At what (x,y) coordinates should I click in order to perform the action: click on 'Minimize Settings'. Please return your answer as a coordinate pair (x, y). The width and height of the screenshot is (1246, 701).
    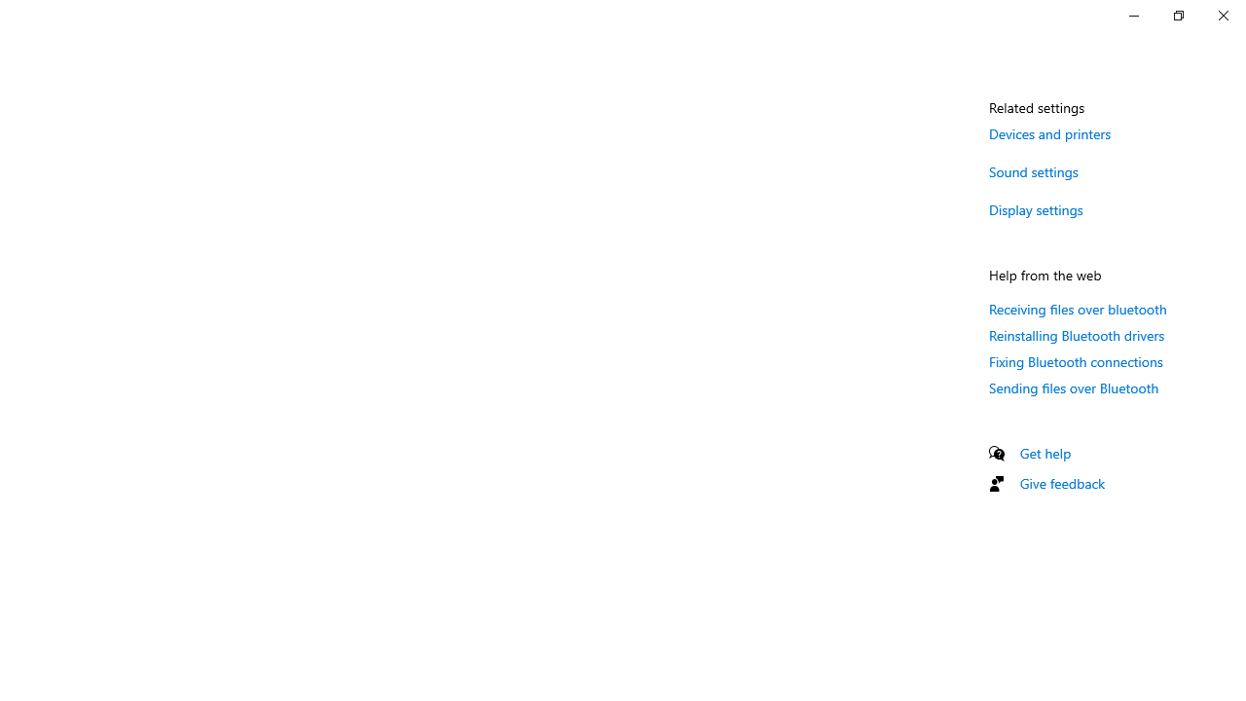
    Looking at the image, I should click on (1133, 15).